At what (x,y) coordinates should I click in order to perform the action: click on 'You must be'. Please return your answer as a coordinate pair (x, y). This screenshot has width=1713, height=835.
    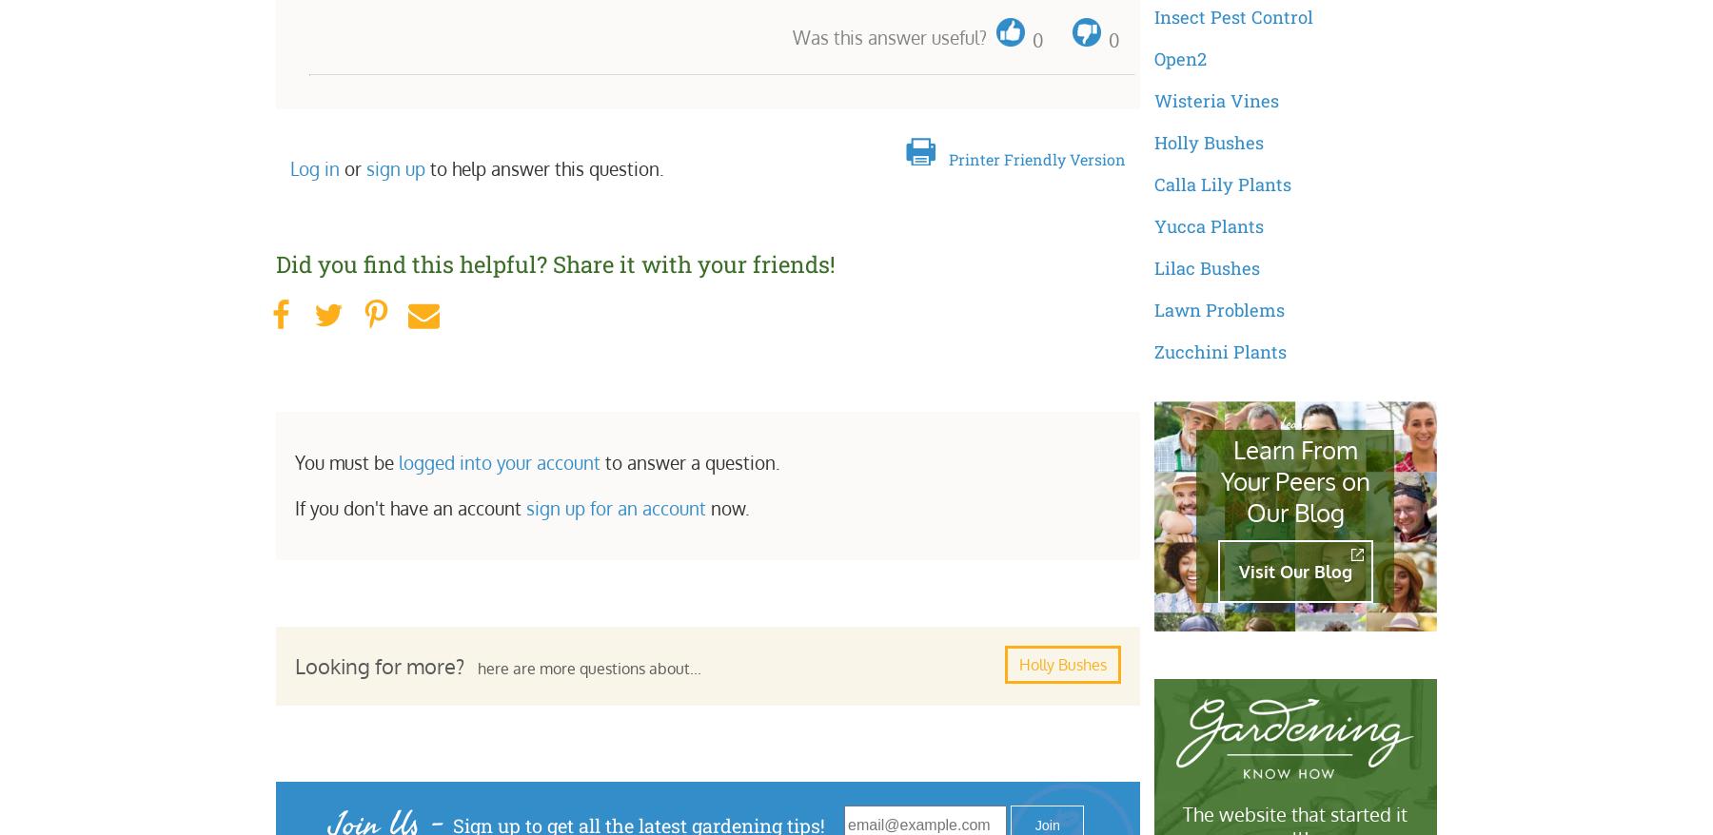
    Looking at the image, I should click on (346, 461).